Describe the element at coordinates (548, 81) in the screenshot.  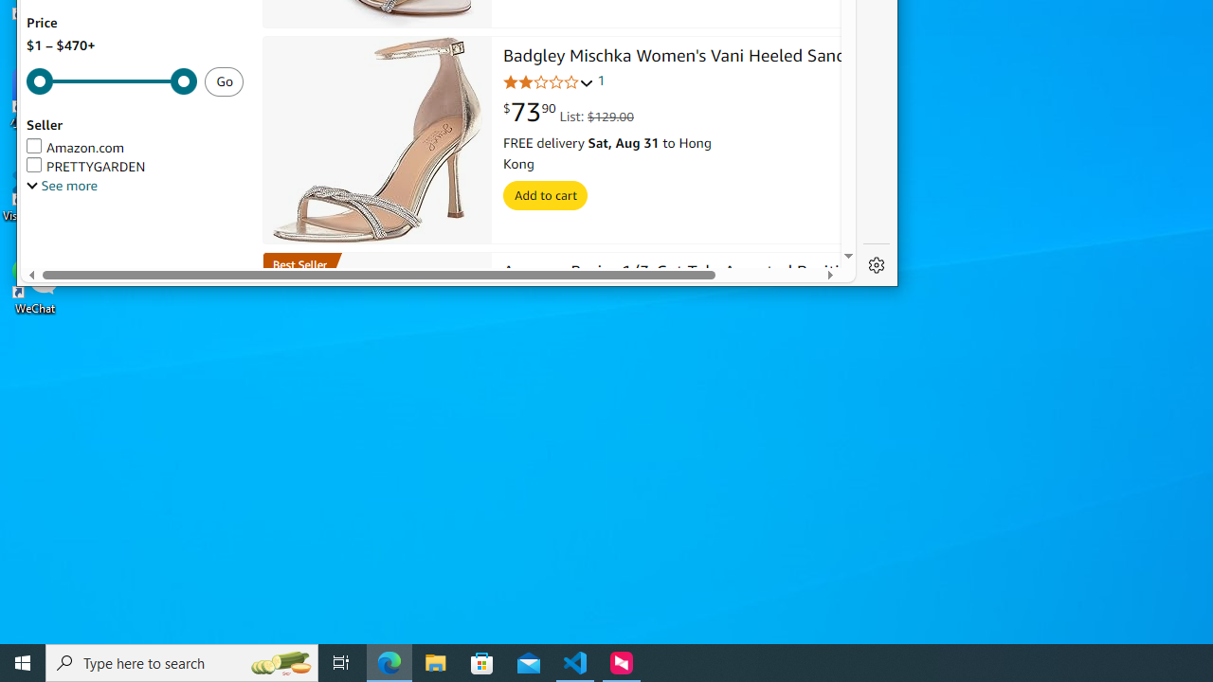
I see `'2.0 out of 5 stars'` at that location.